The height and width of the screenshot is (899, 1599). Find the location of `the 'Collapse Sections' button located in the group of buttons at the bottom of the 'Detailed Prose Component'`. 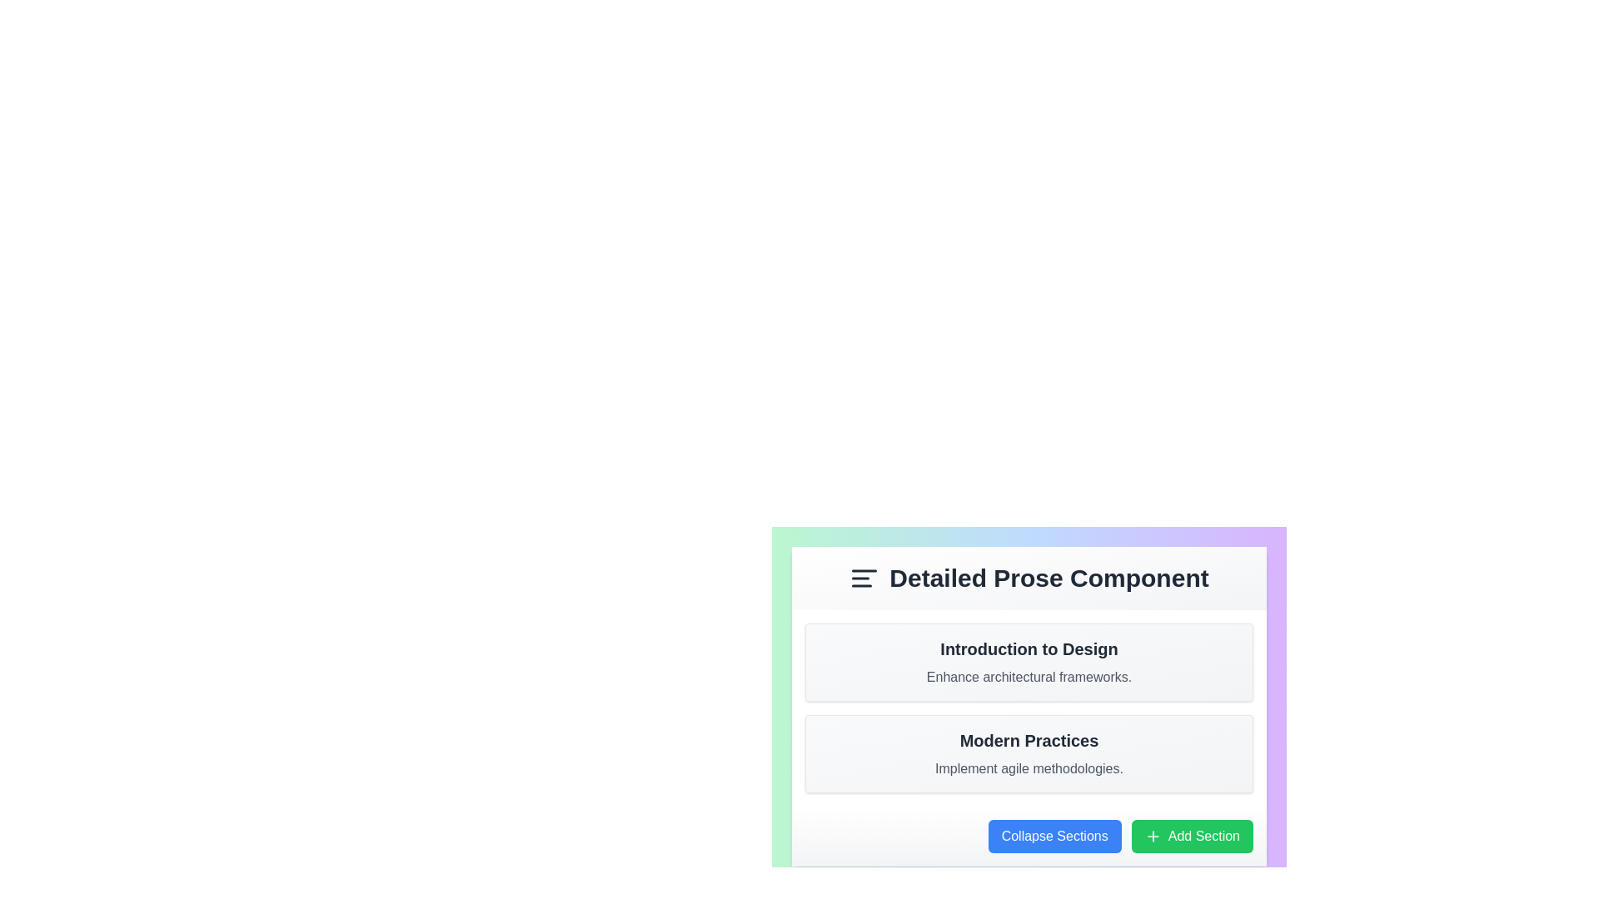

the 'Collapse Sections' button located in the group of buttons at the bottom of the 'Detailed Prose Component' is located at coordinates (1029, 837).